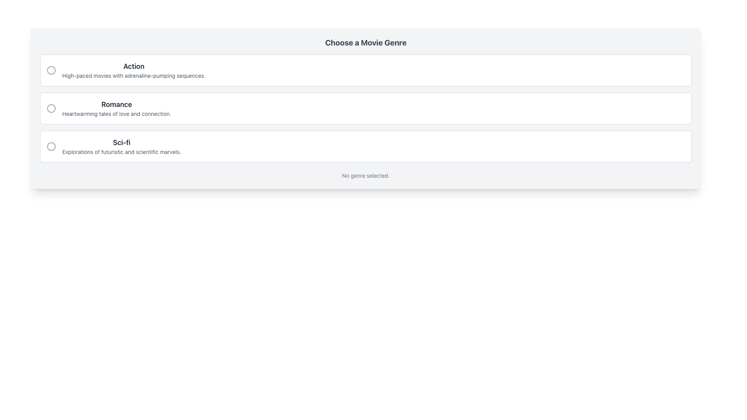  I want to click on the text label displaying 'Heartwarming tales of love and connection.' which is positioned beneath the 'Romance' title in the interface, so click(116, 114).